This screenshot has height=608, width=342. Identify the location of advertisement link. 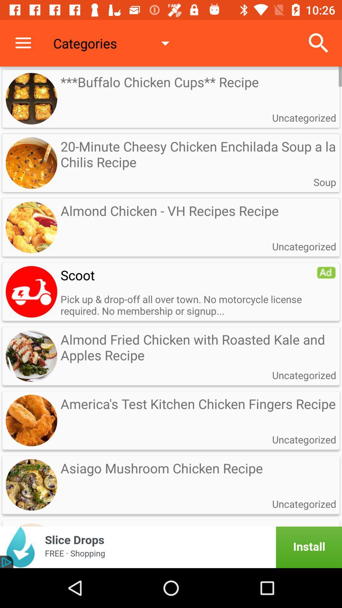
(171, 547).